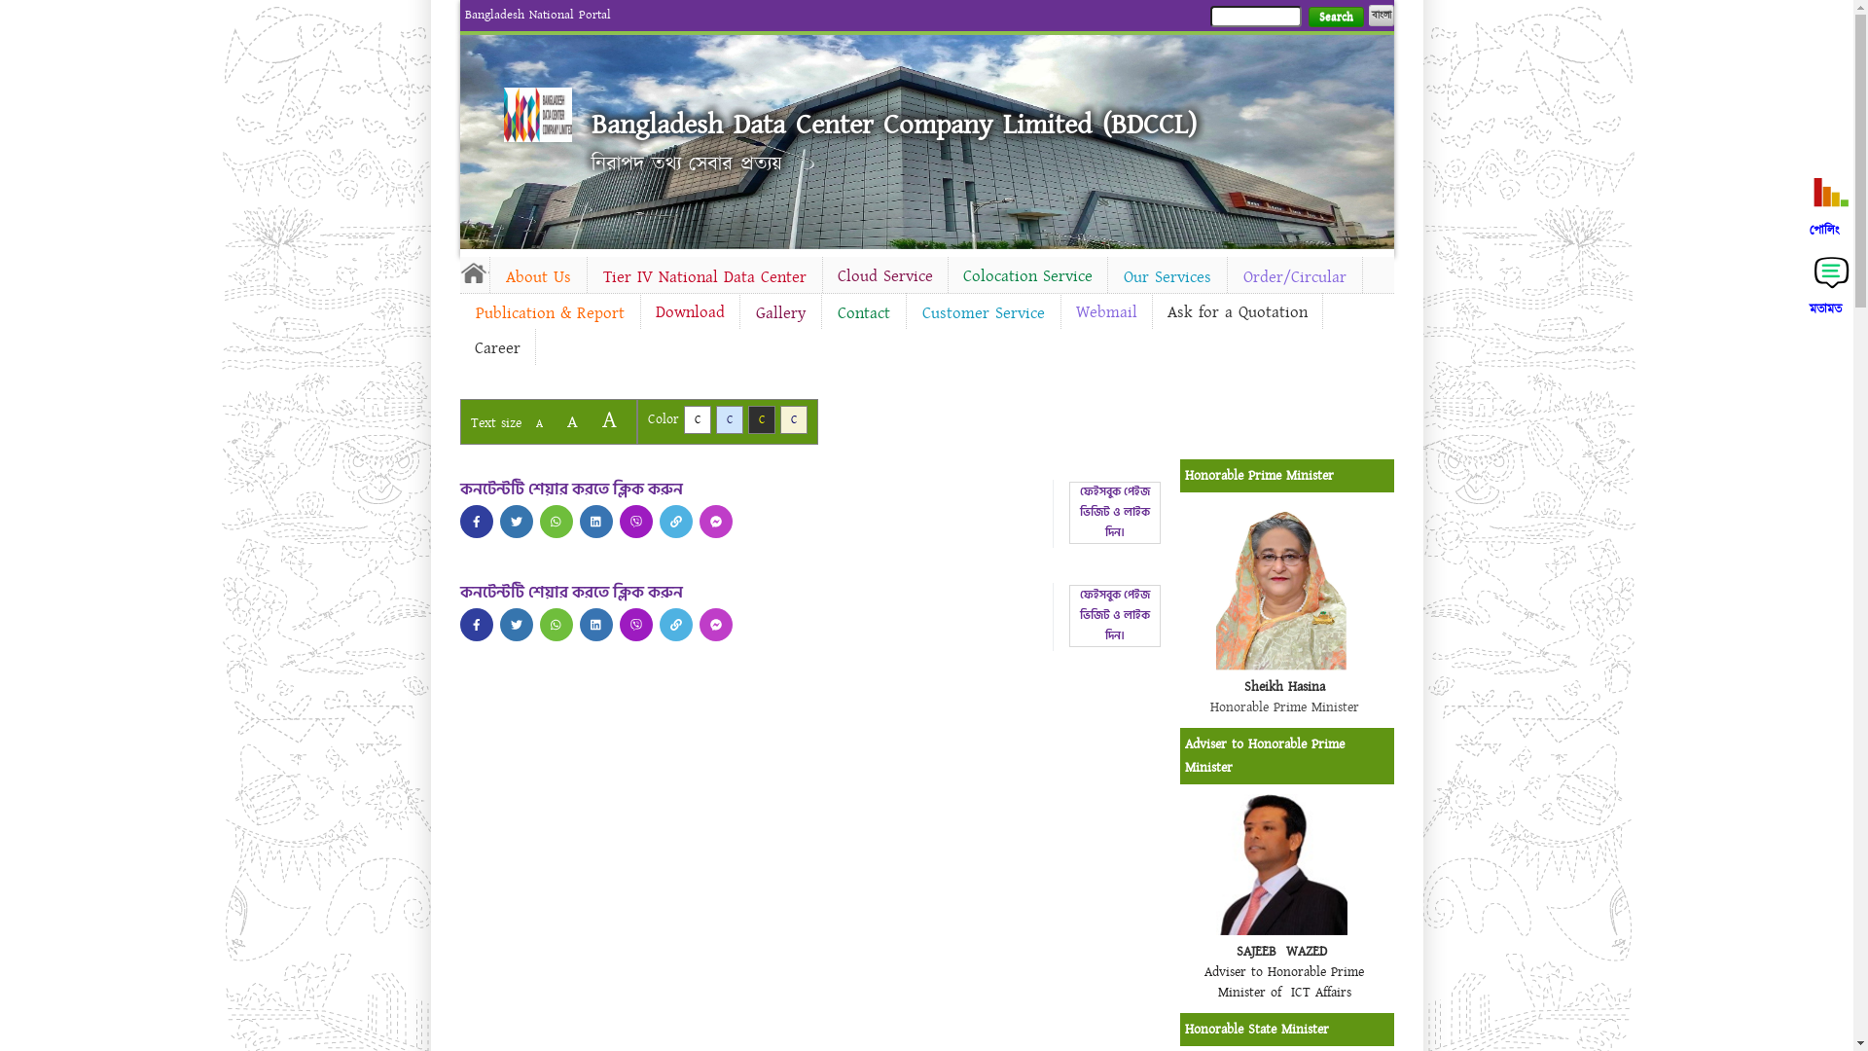  Describe the element at coordinates (760, 418) in the screenshot. I see `'C'` at that location.